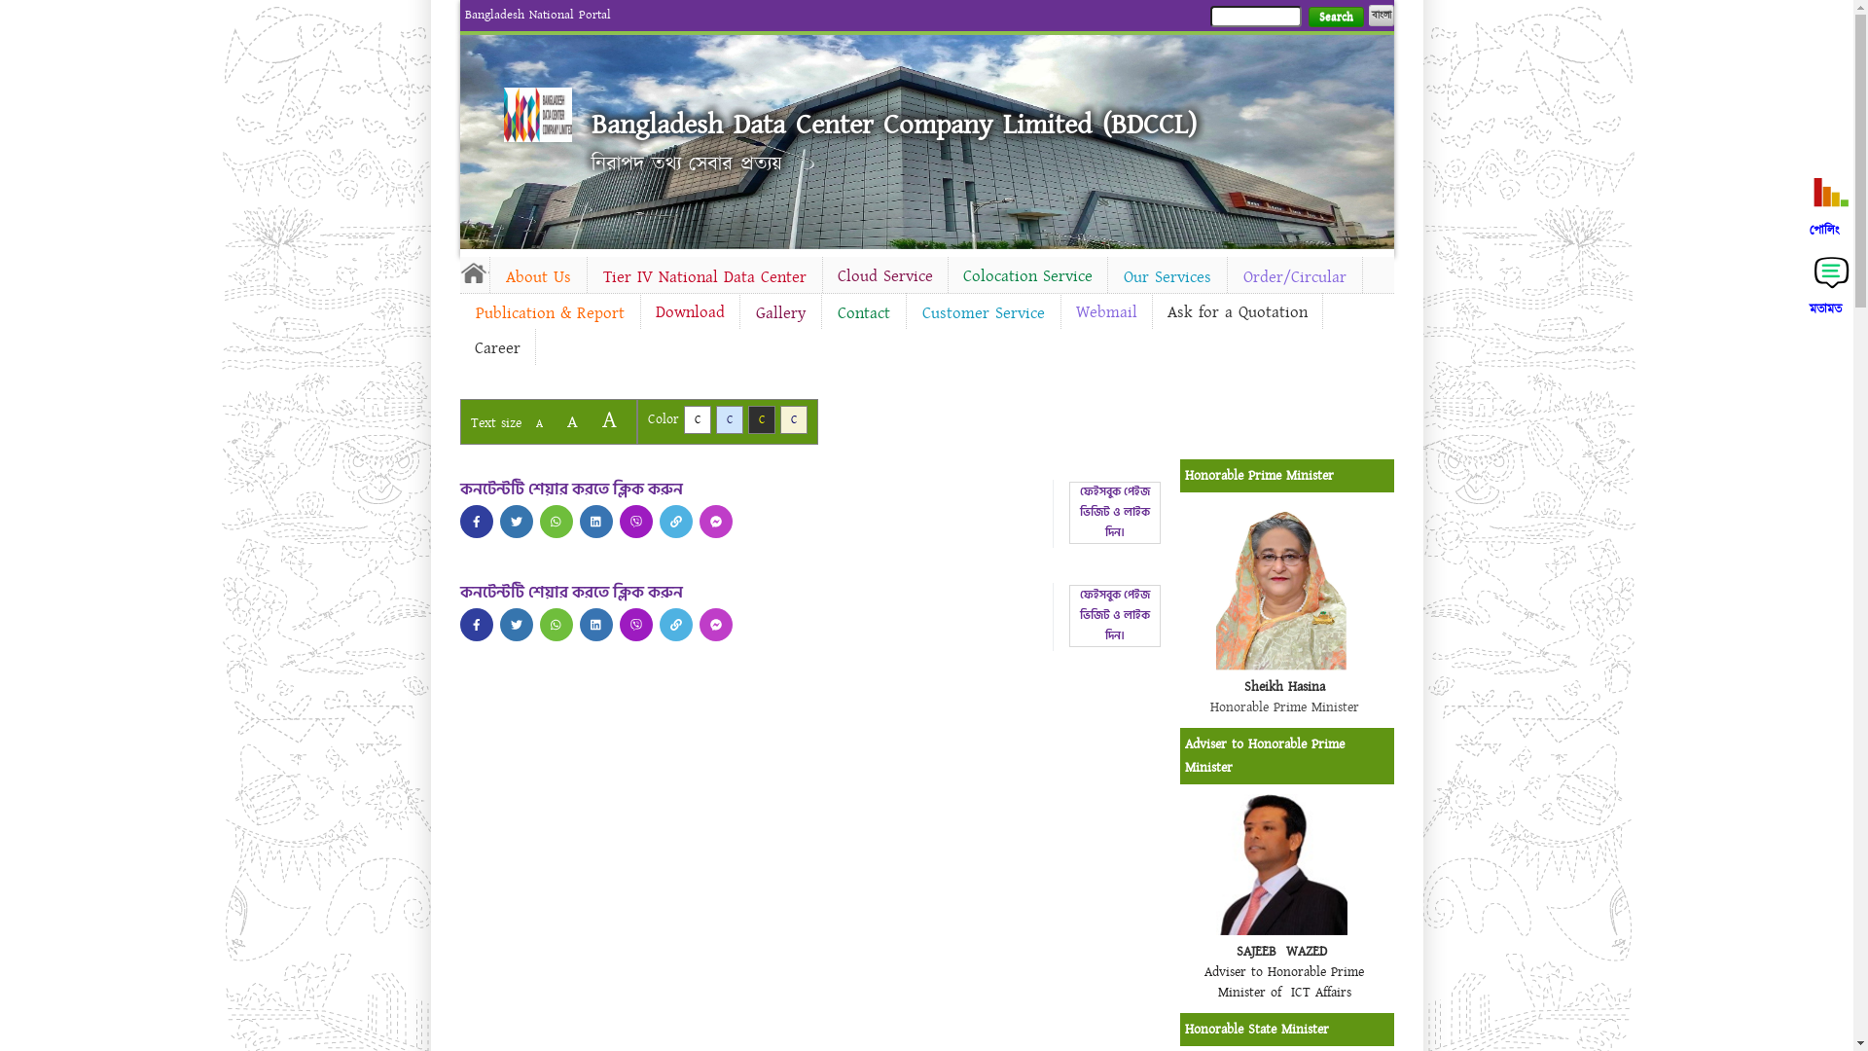  Describe the element at coordinates (760, 418) in the screenshot. I see `'C'` at that location.